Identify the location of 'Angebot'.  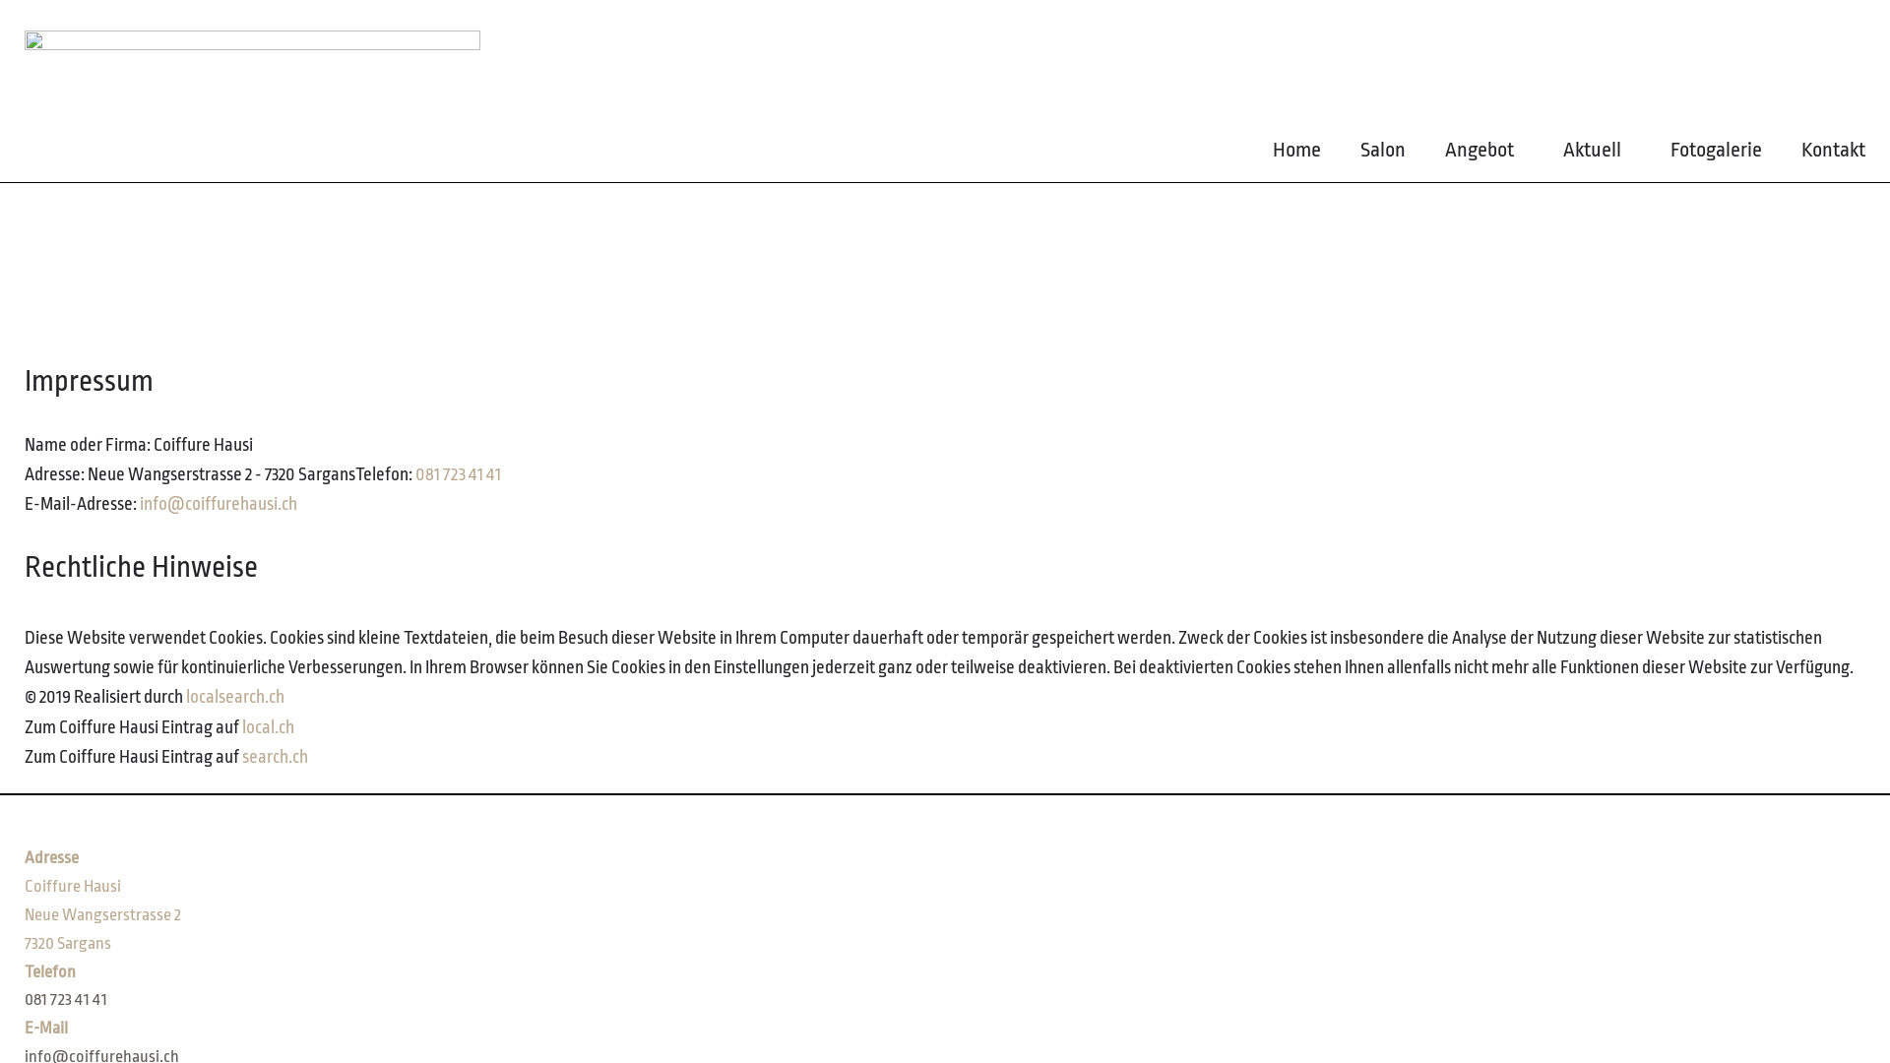
(1483, 154).